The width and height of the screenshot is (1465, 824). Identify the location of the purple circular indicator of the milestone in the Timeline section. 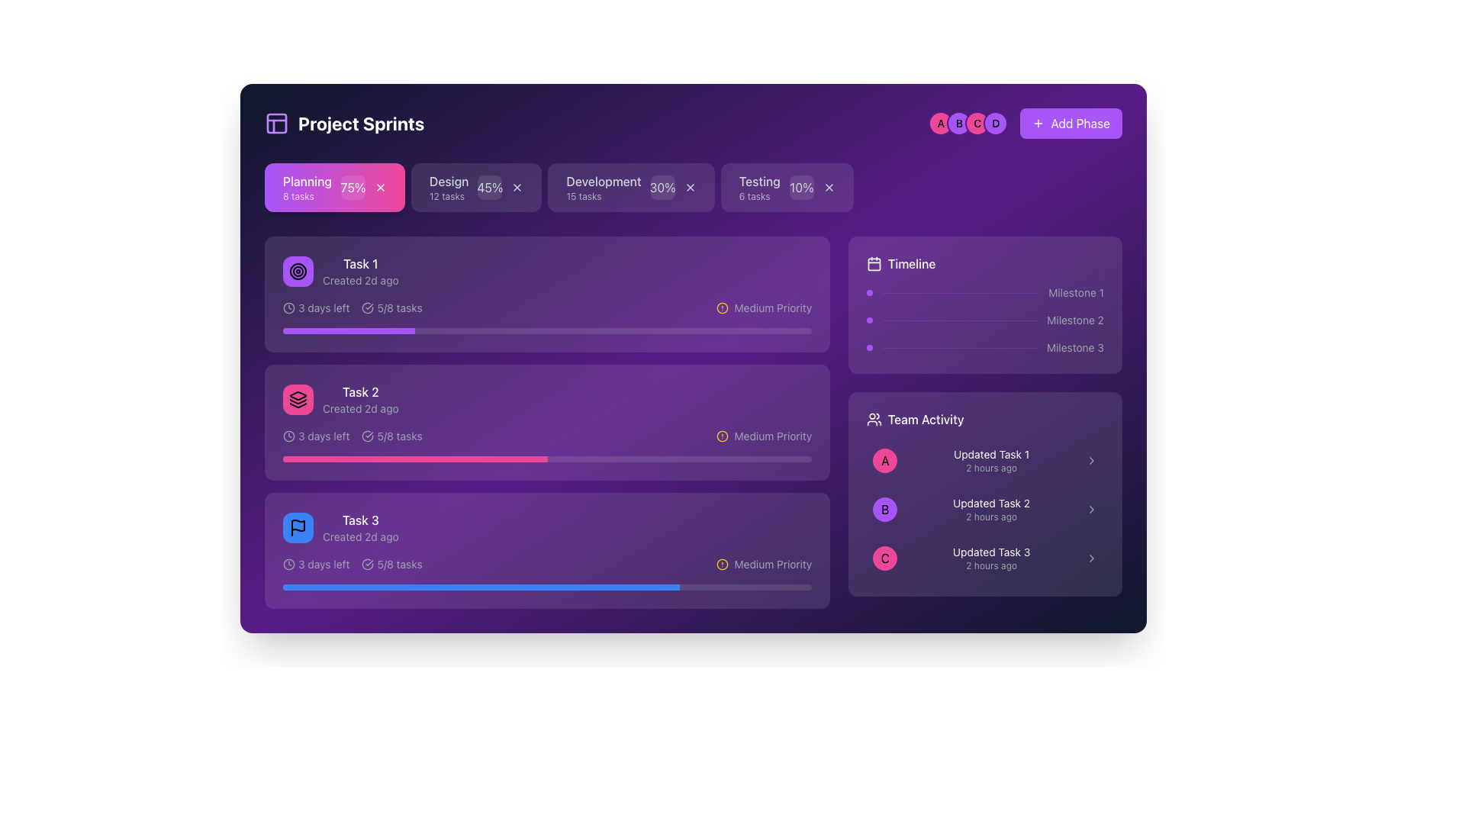
(985, 320).